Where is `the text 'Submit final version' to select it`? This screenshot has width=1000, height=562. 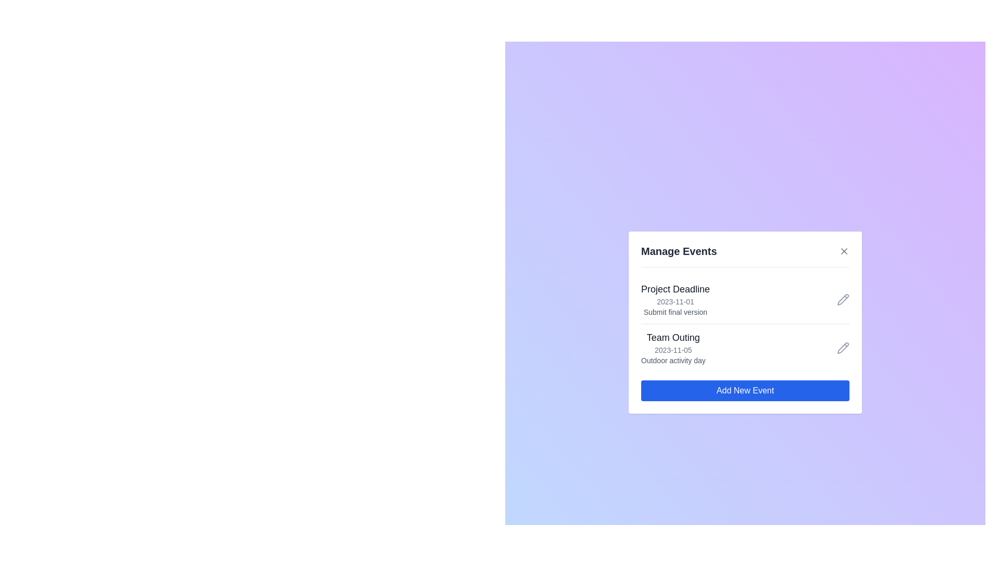 the text 'Submit final version' to select it is located at coordinates (675, 312).